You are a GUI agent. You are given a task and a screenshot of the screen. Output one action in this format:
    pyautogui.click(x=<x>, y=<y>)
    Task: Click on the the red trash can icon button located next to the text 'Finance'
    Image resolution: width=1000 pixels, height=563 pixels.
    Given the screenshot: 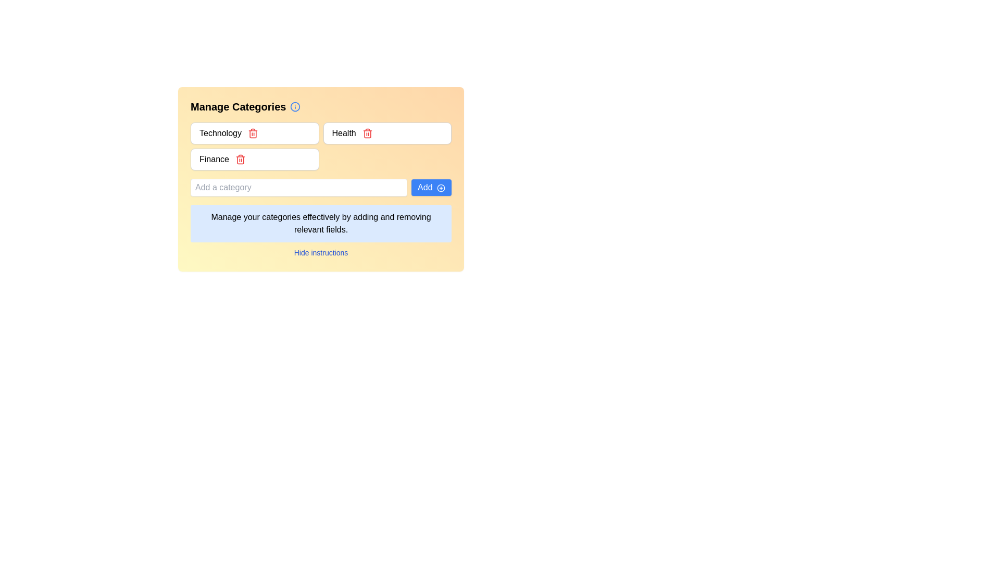 What is the action you would take?
    pyautogui.click(x=240, y=159)
    